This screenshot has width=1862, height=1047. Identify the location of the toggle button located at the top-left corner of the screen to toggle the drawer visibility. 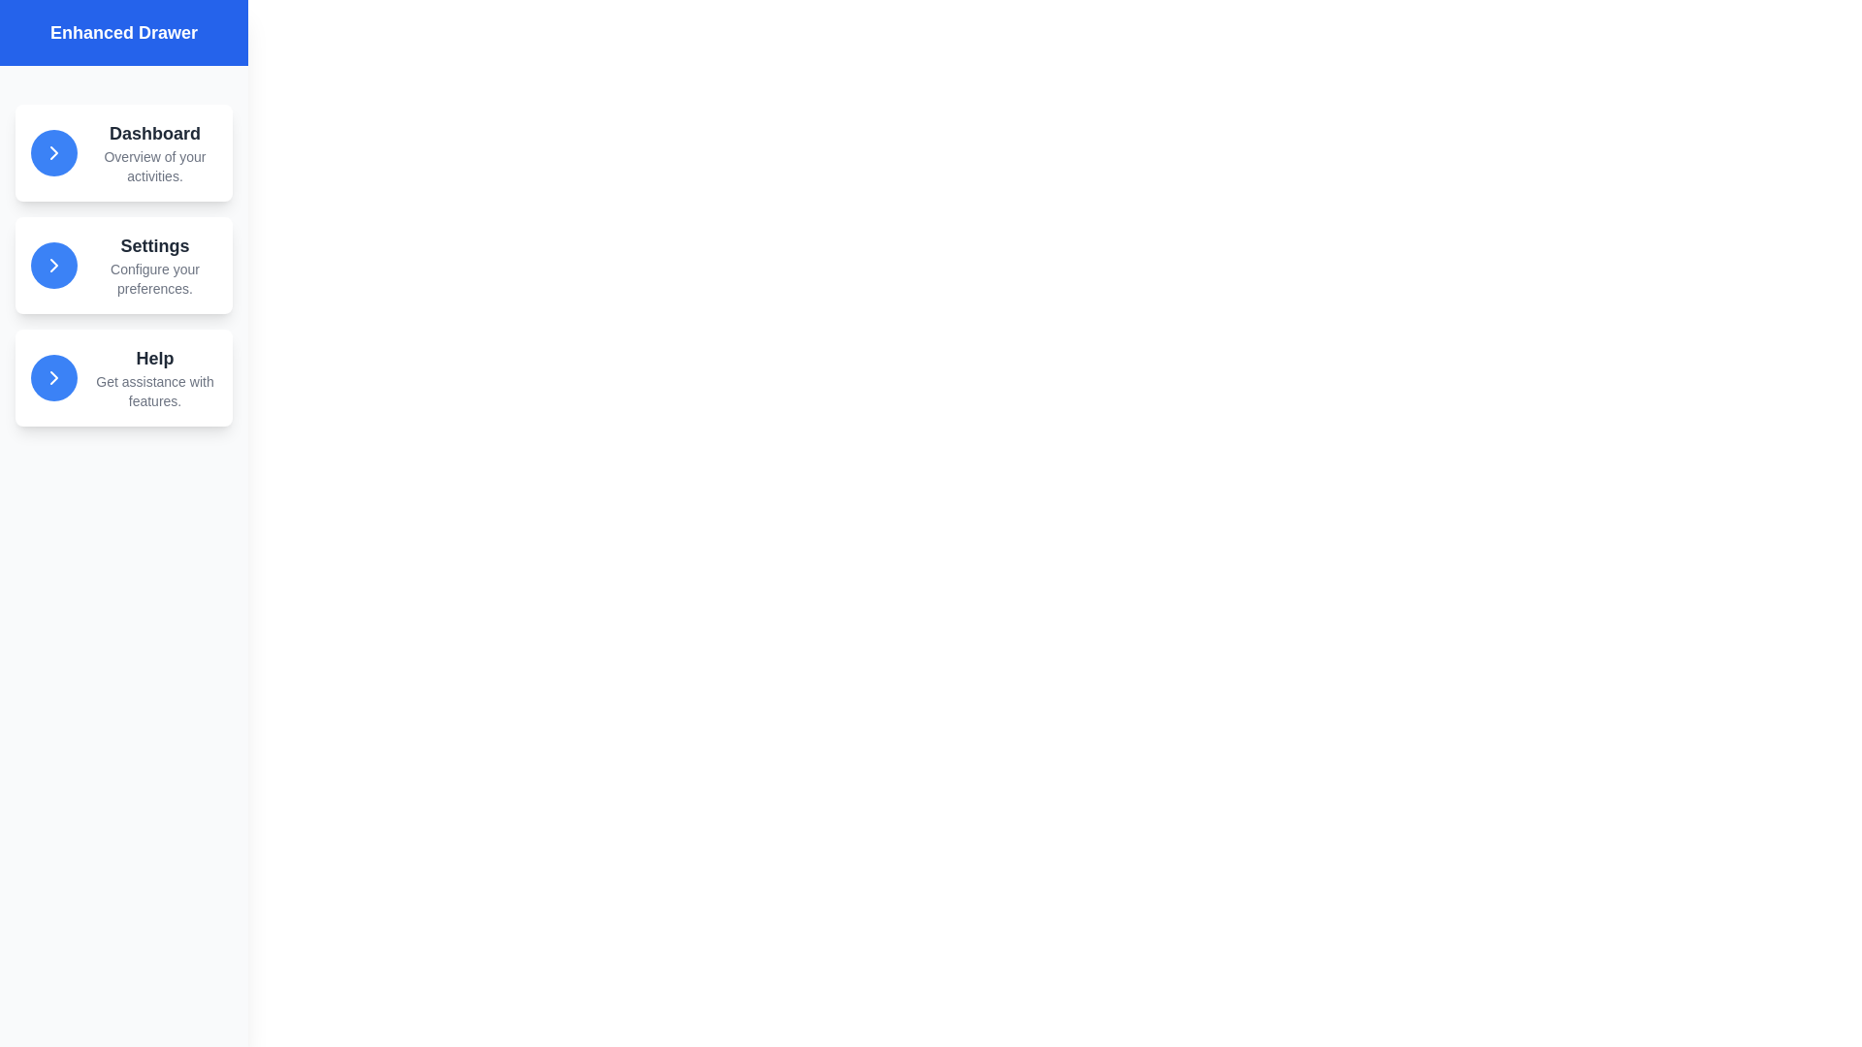
(42, 42).